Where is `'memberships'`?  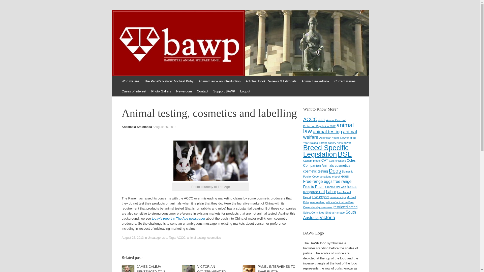 'memberships' is located at coordinates (338, 197).